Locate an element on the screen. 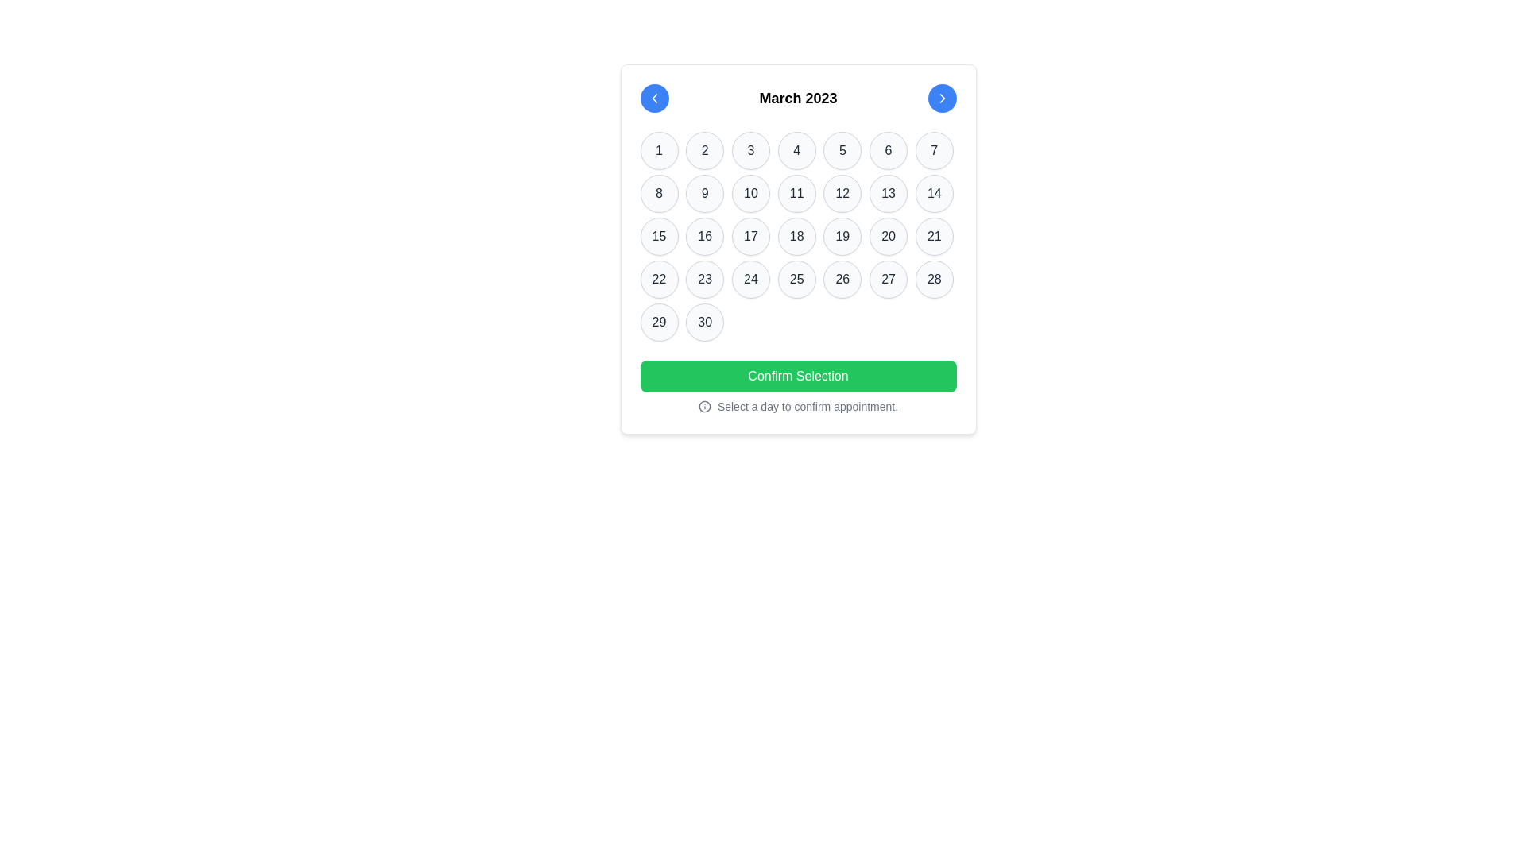  the information icon in the label that instructs 'Select a day to confirm appointment.' to trigger a tooltip is located at coordinates (798, 406).